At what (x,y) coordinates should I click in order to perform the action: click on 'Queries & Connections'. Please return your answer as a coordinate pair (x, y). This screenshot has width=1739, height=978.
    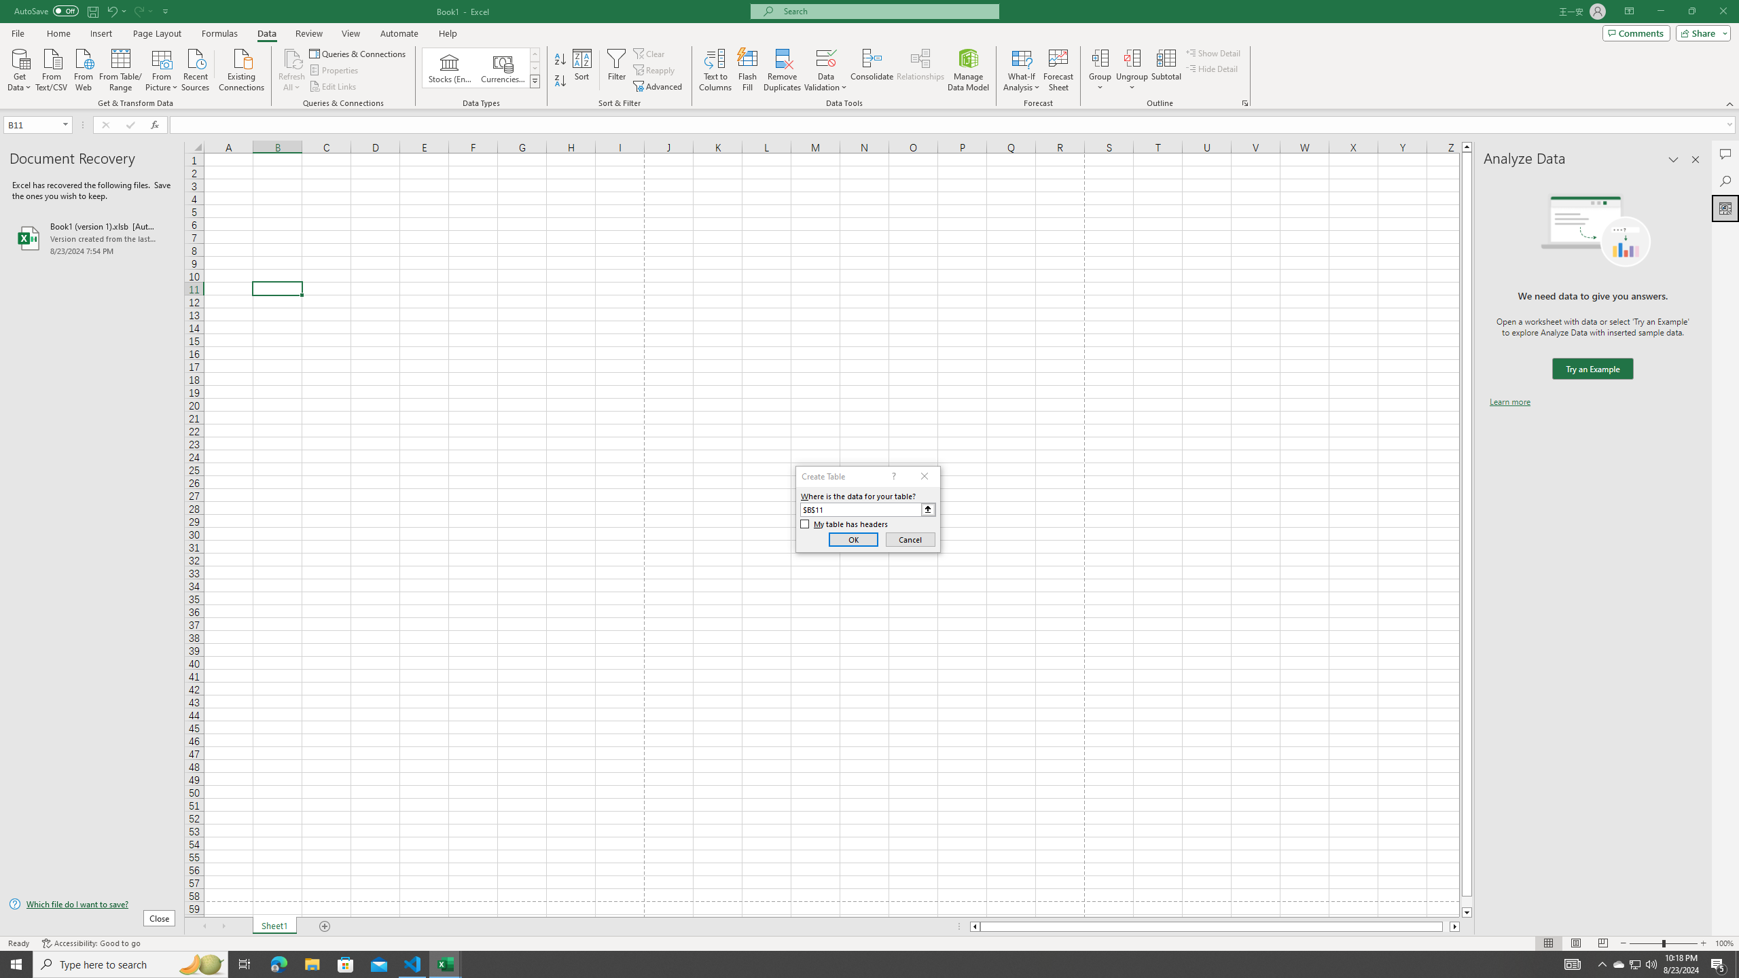
    Looking at the image, I should click on (358, 53).